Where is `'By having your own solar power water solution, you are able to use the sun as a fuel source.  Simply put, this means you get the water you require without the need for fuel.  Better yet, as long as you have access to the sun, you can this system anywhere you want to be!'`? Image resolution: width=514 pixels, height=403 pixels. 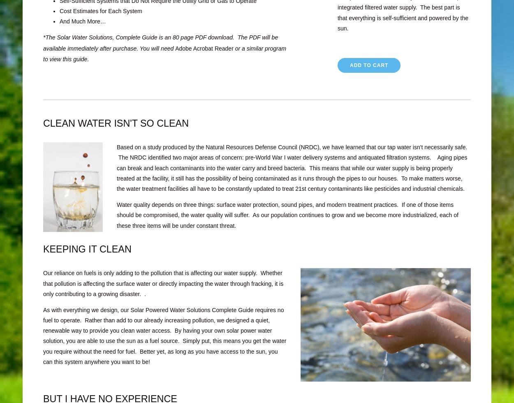 'By having your own solar power water solution, you are able to use the sun as a fuel source.  Simply put, this means you get the water you require without the need for fuel.  Better yet, as long as you have access to the sun, you can this system anywhere you want to be!' is located at coordinates (164, 346).